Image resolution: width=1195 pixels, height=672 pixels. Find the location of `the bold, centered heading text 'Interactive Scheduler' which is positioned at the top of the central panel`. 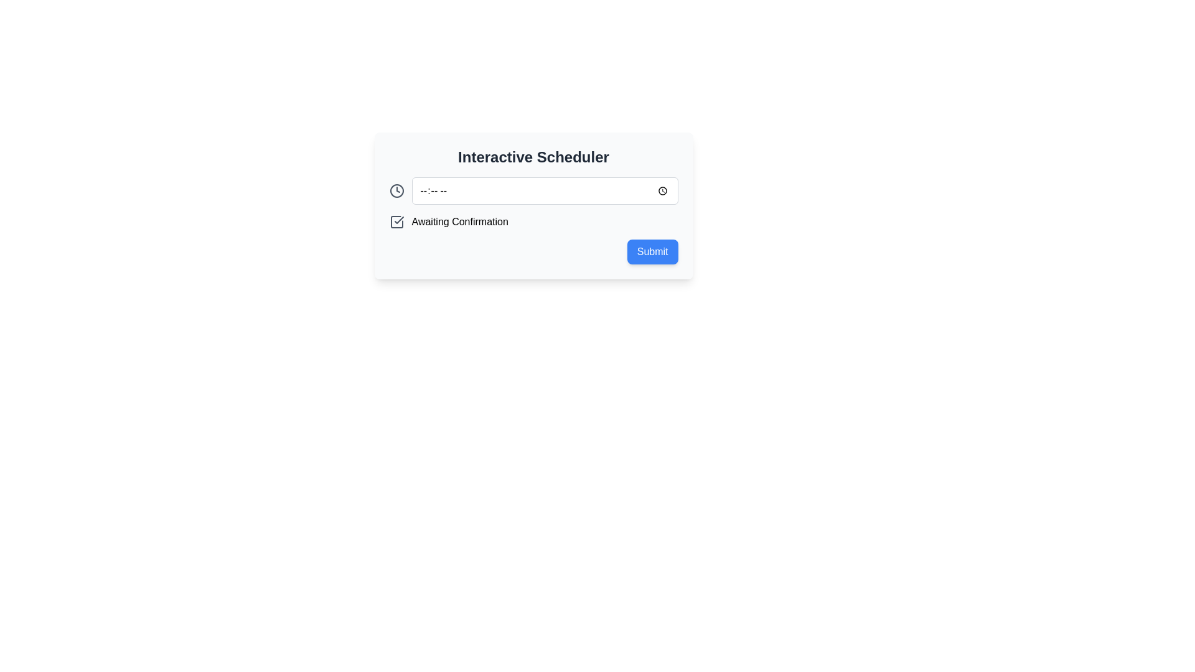

the bold, centered heading text 'Interactive Scheduler' which is positioned at the top of the central panel is located at coordinates (533, 157).